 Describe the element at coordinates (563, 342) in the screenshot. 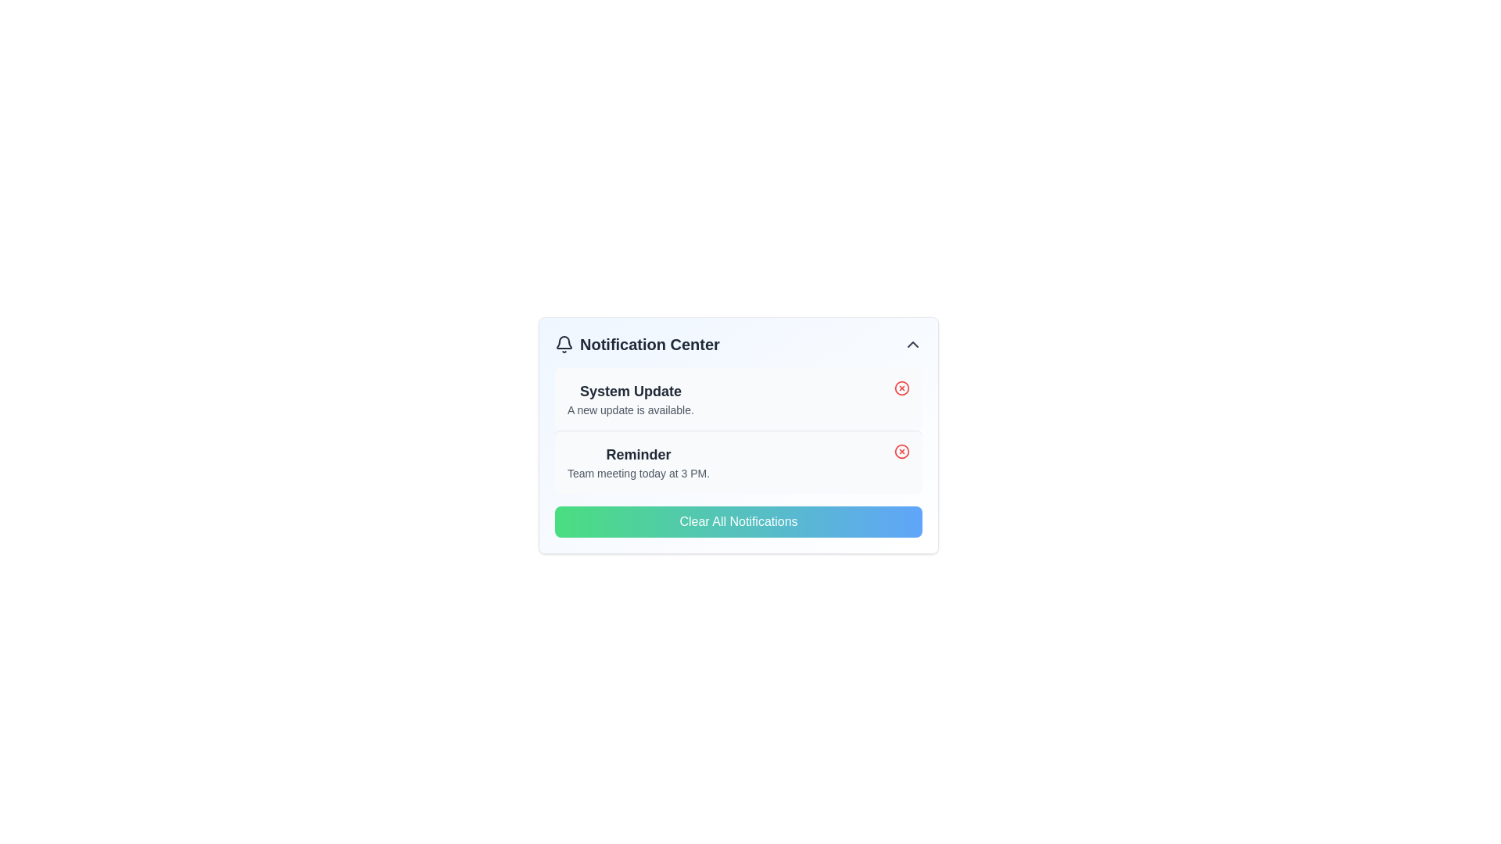

I see `the bell-shaped icon representing notifications in the top-left corner of the notification center panel` at that location.